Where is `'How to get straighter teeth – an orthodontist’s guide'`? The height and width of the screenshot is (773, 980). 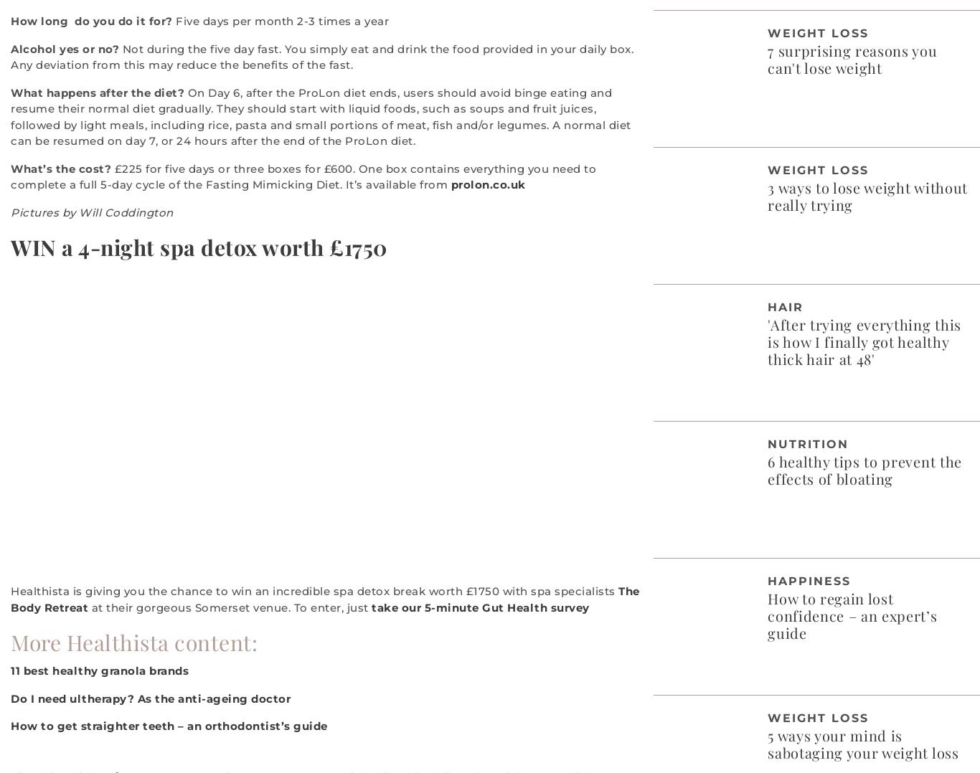 'How to get straighter teeth – an orthodontist’s guide' is located at coordinates (169, 725).